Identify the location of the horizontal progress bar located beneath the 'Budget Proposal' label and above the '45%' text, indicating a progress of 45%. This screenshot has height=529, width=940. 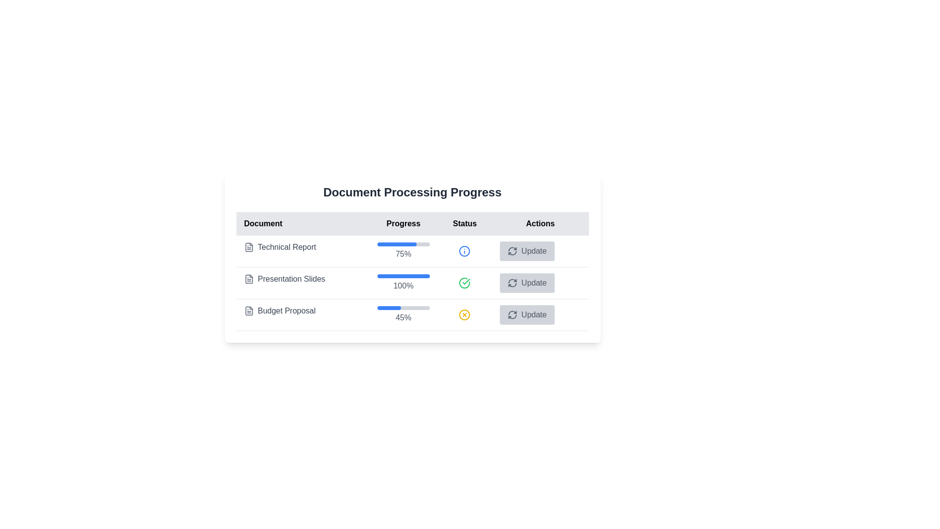
(403, 307).